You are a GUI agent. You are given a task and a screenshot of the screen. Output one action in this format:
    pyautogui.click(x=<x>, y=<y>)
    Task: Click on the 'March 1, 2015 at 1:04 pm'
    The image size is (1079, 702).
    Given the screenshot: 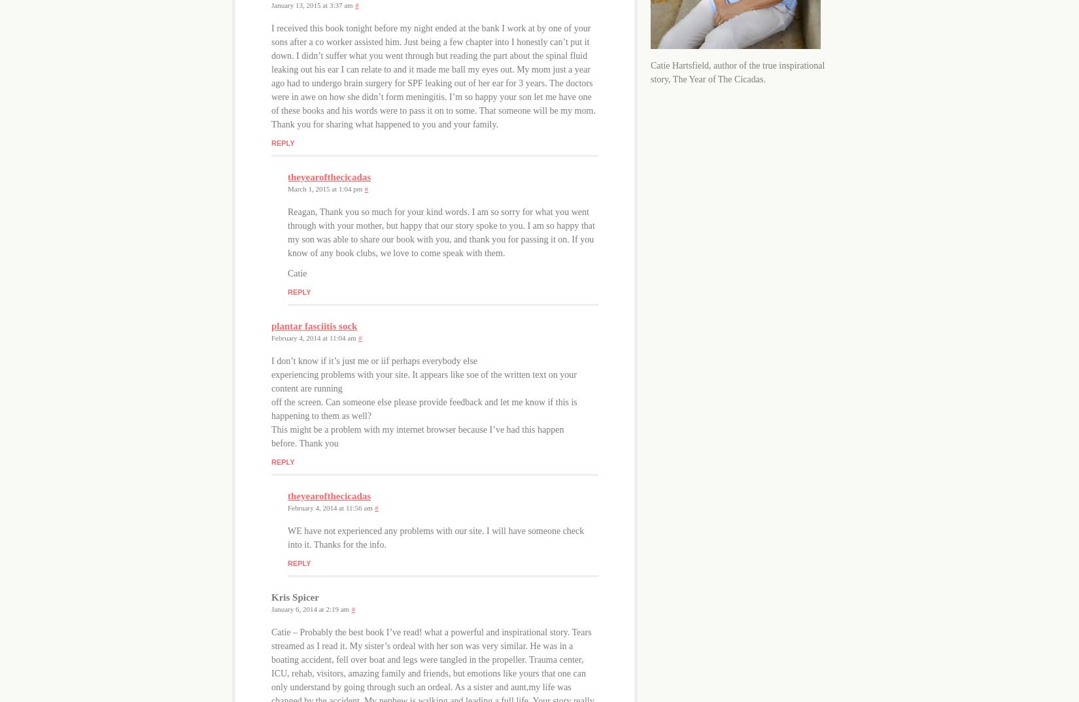 What is the action you would take?
    pyautogui.click(x=287, y=188)
    